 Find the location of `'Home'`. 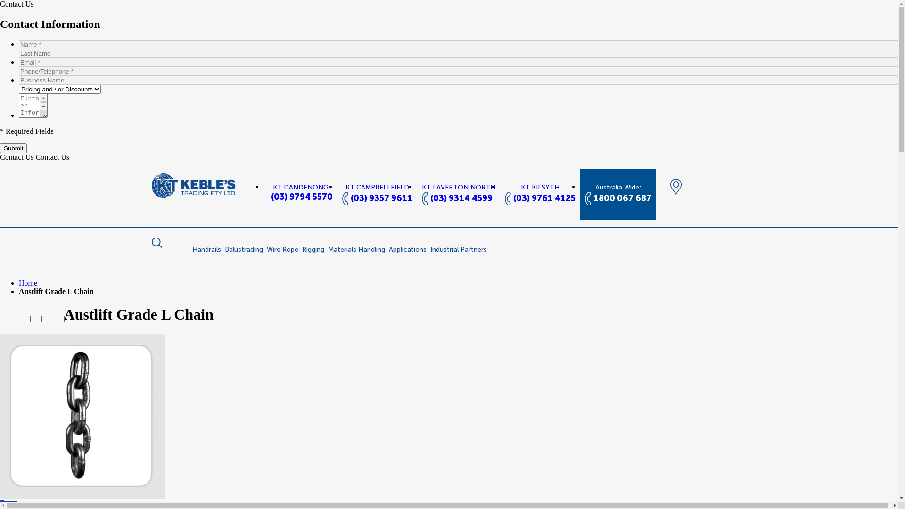

'Home' is located at coordinates (28, 282).